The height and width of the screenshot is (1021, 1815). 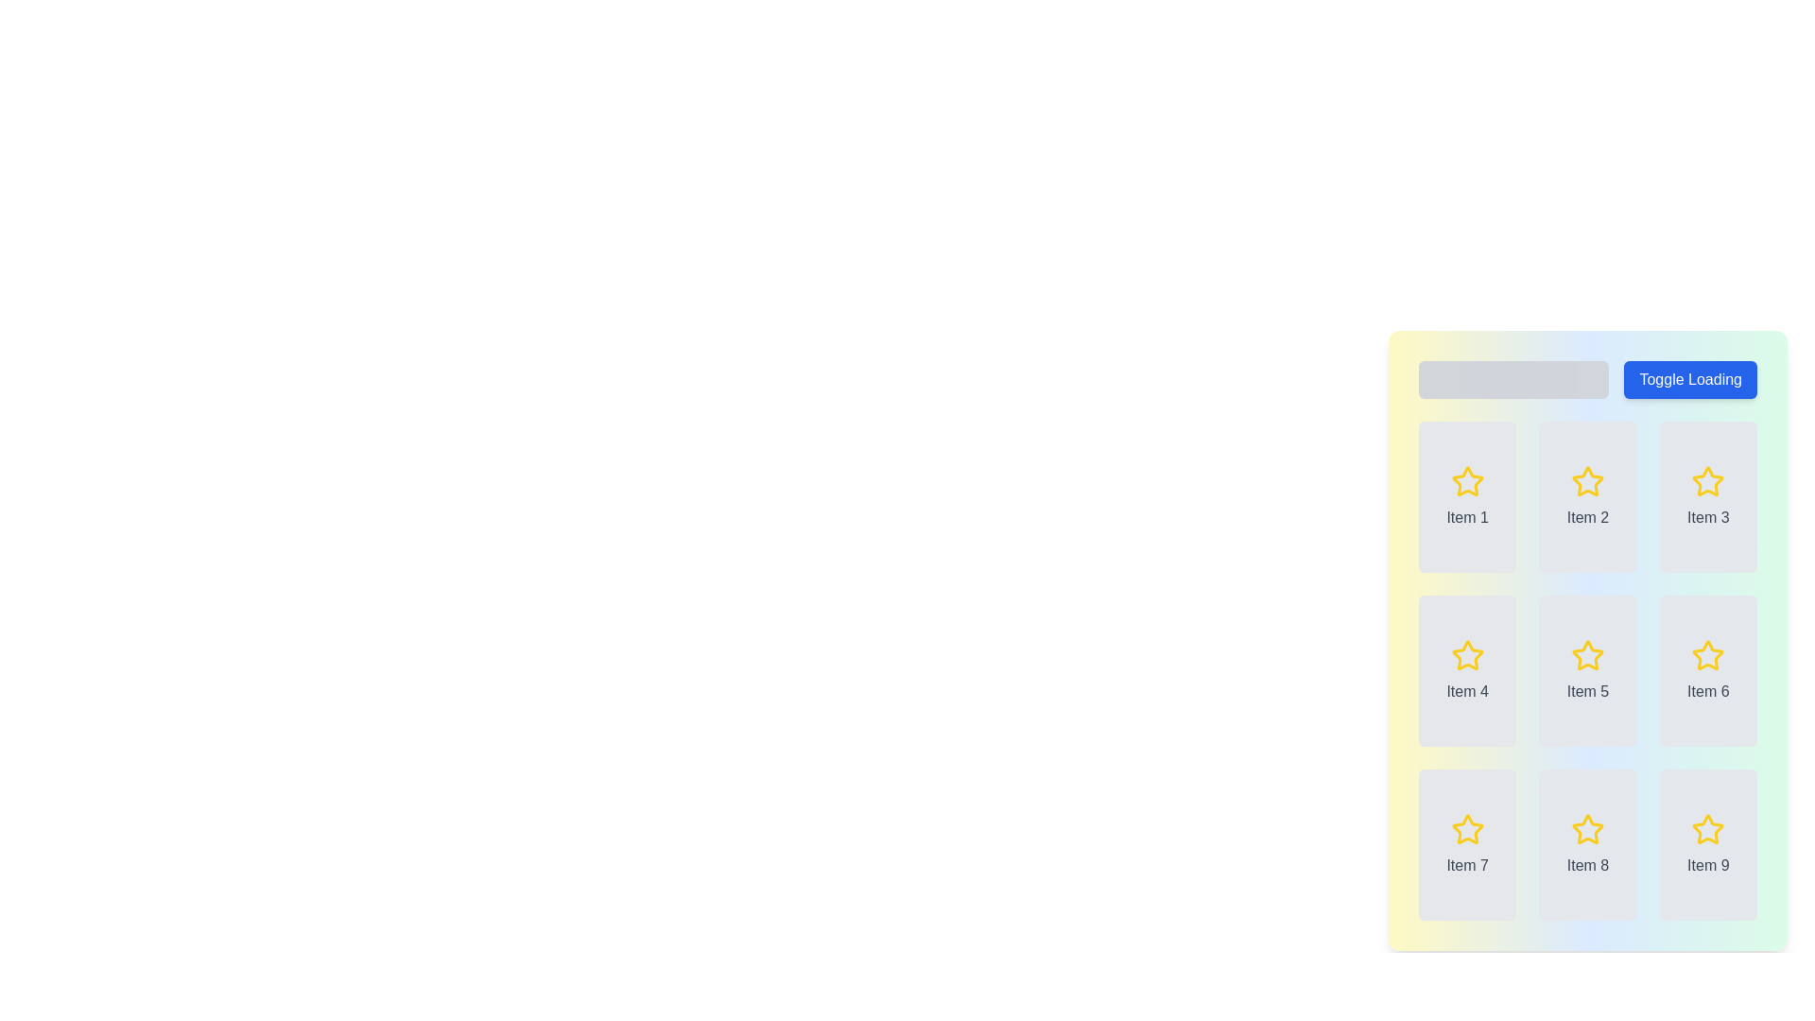 I want to click on the icon associated with 'Item 9', so click(x=1708, y=828).